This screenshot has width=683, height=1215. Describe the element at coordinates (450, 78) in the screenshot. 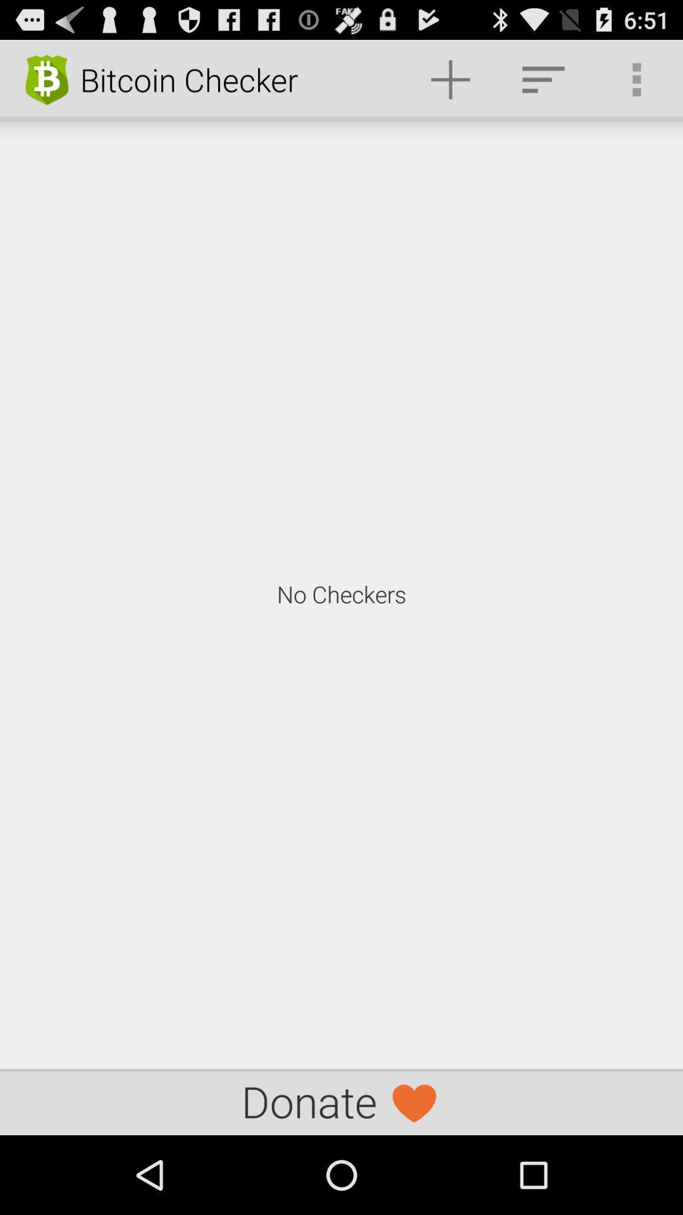

I see `the item next to bitcoin checker` at that location.